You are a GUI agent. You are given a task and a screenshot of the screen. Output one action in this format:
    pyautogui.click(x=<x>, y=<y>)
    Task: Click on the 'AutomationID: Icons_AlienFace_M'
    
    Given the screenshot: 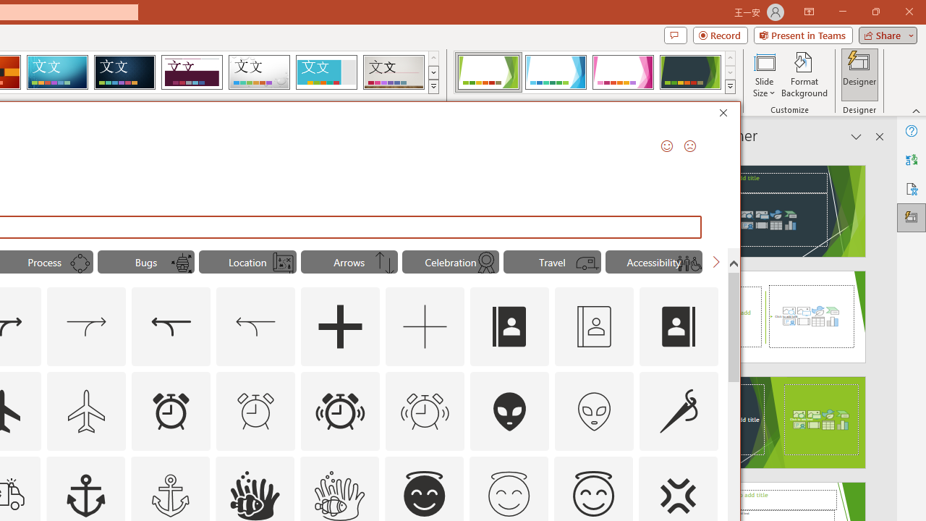 What is the action you would take?
    pyautogui.click(x=594, y=411)
    